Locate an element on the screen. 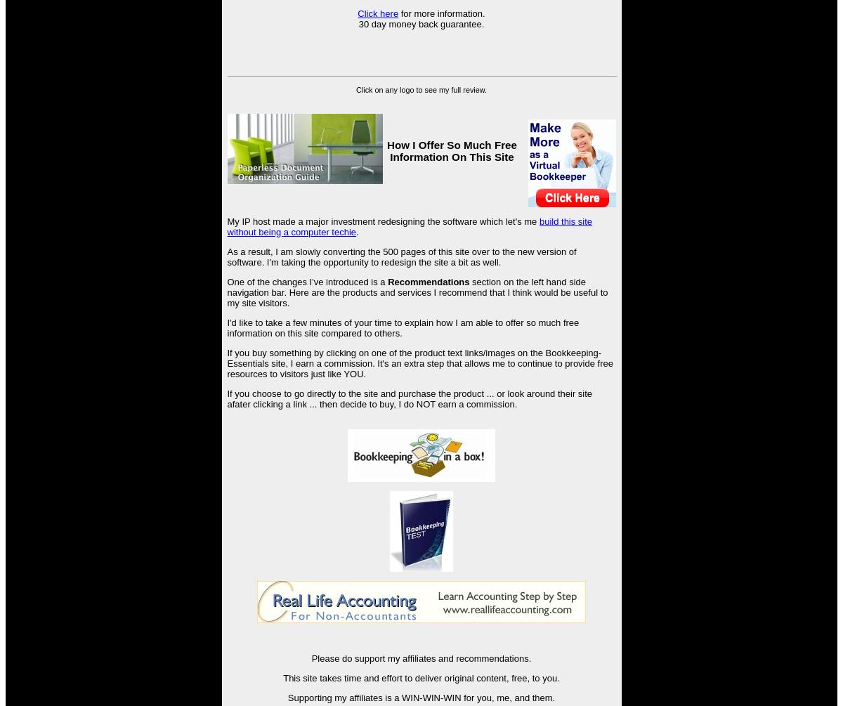  'Please do support my affiliates and recommendations.' is located at coordinates (420, 657).